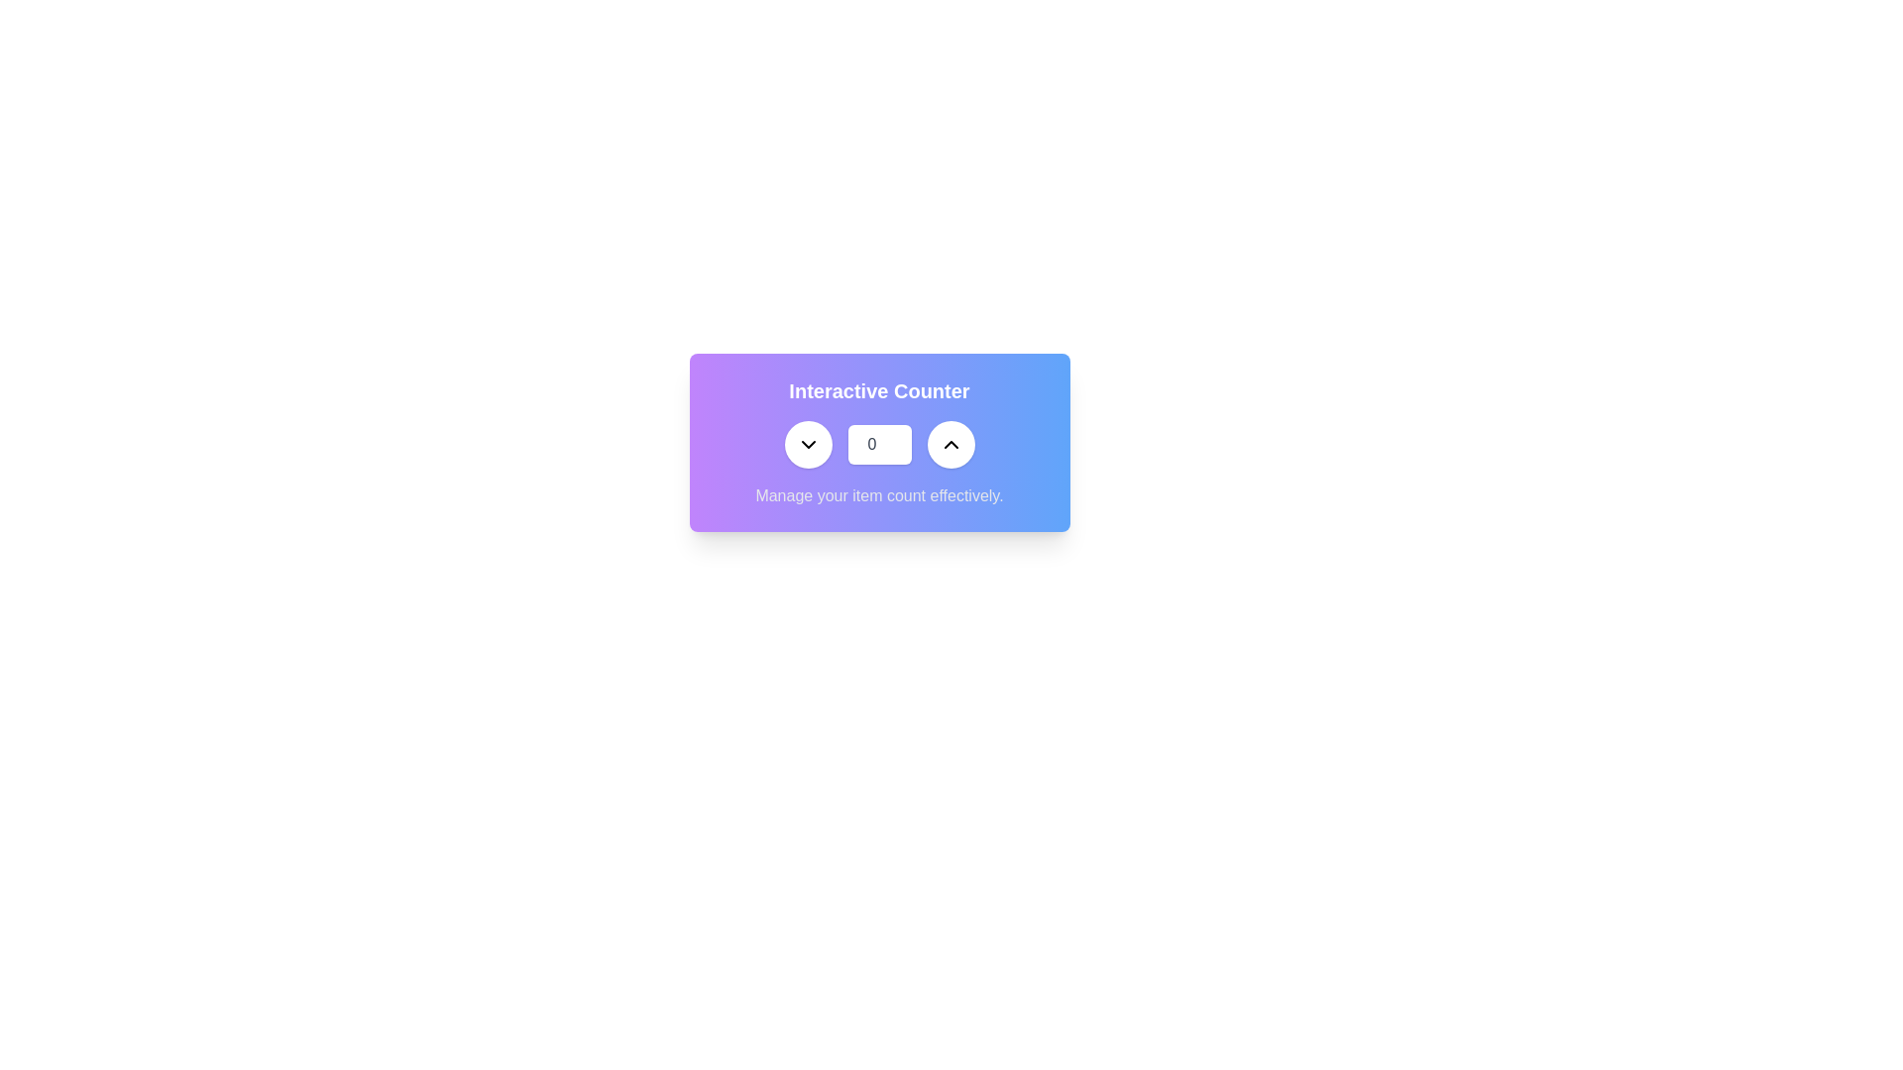  What do you see at coordinates (878, 495) in the screenshot?
I see `the descriptive text label located underneath the interactive counter in the central card with a gradient background transitioning from purple to blue` at bounding box center [878, 495].